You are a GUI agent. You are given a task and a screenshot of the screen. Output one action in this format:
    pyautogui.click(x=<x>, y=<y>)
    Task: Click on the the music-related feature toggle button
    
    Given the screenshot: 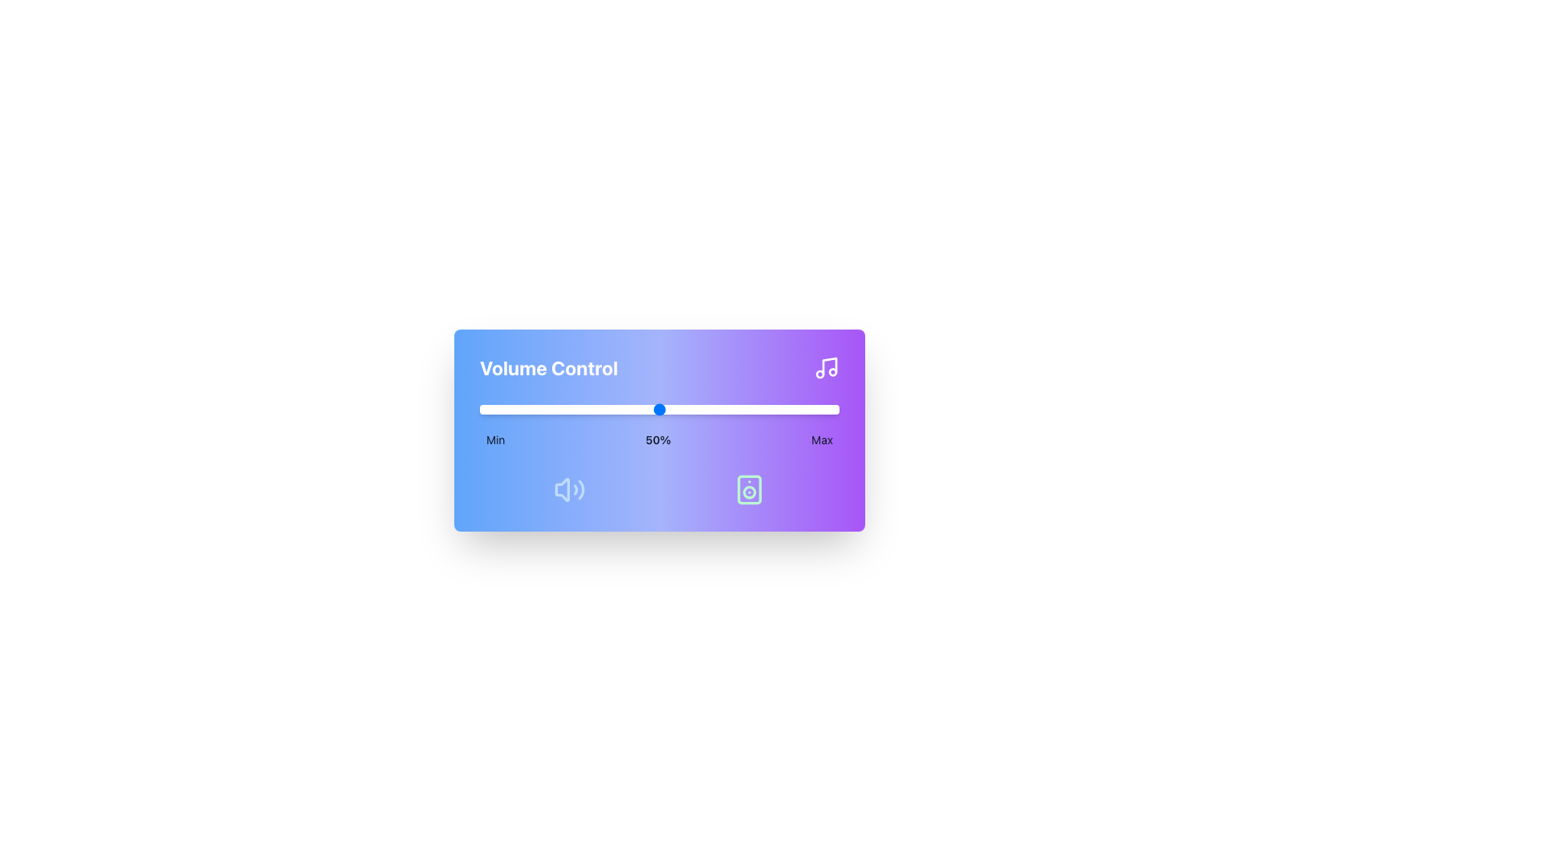 What is the action you would take?
    pyautogui.click(x=827, y=368)
    